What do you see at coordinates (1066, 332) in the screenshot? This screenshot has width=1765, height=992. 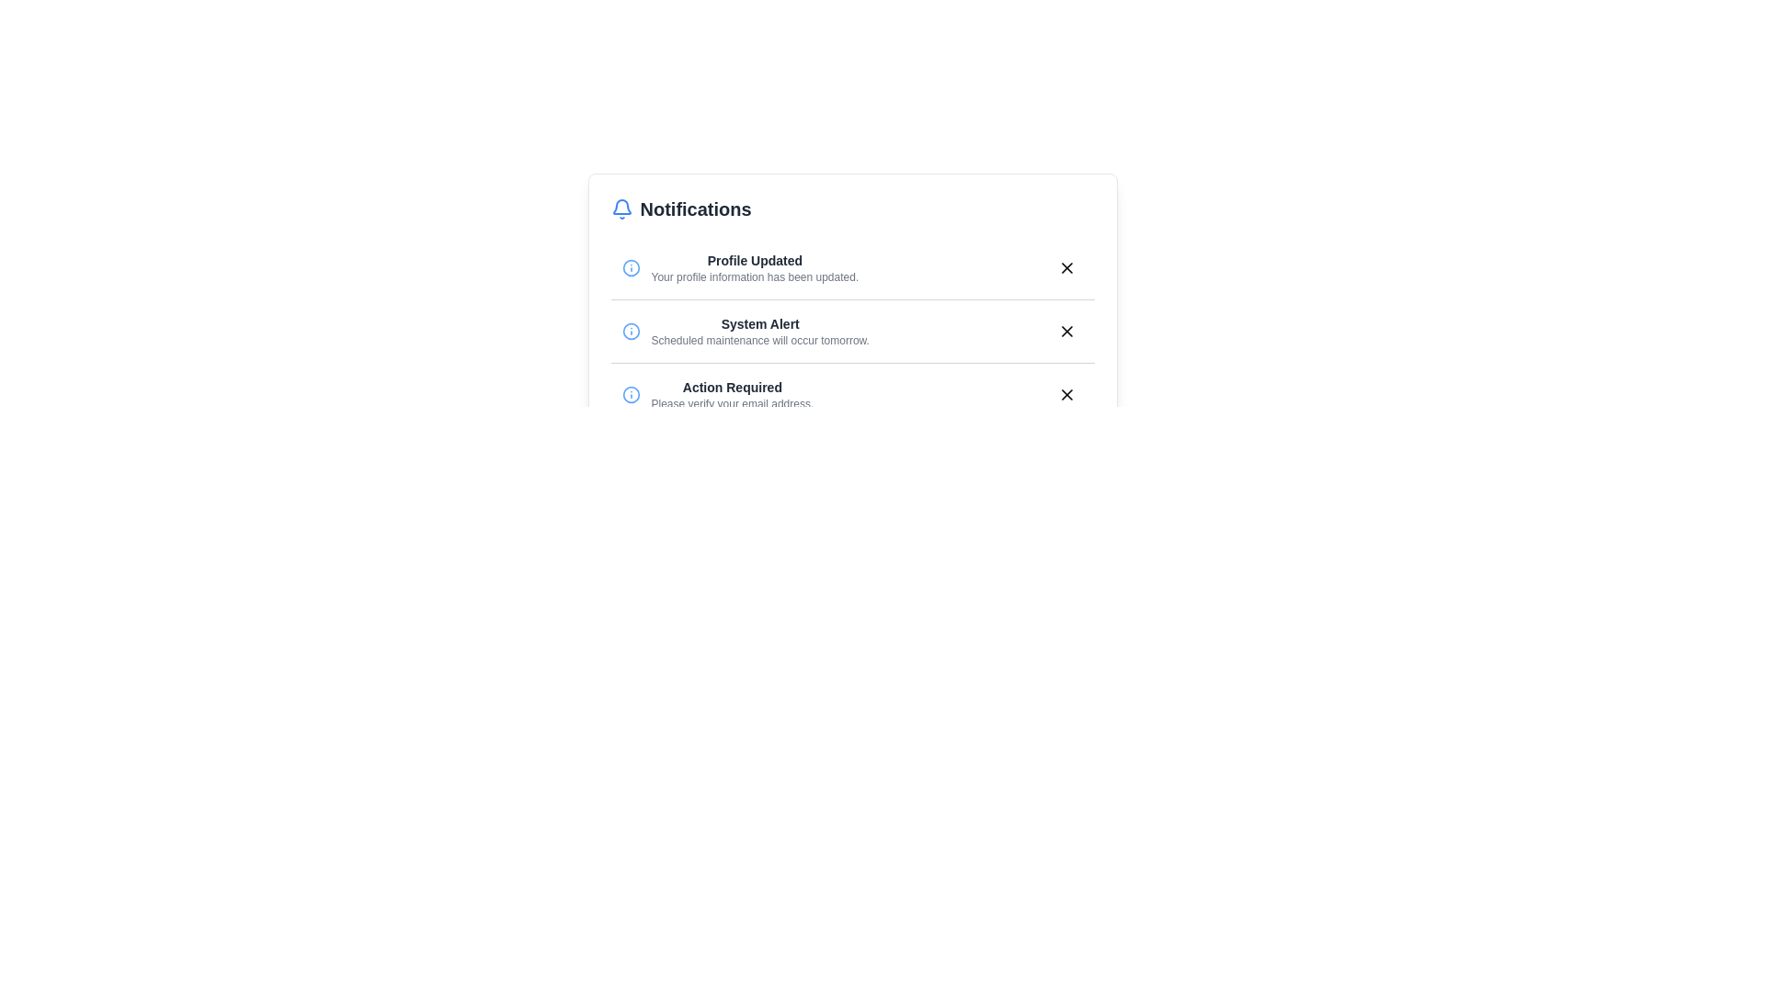 I see `the close button with an 'X' icon located on the right-hand side of the notification bar labeled 'System Alert Scheduled maintenance will occur tomorrow.'` at bounding box center [1066, 332].